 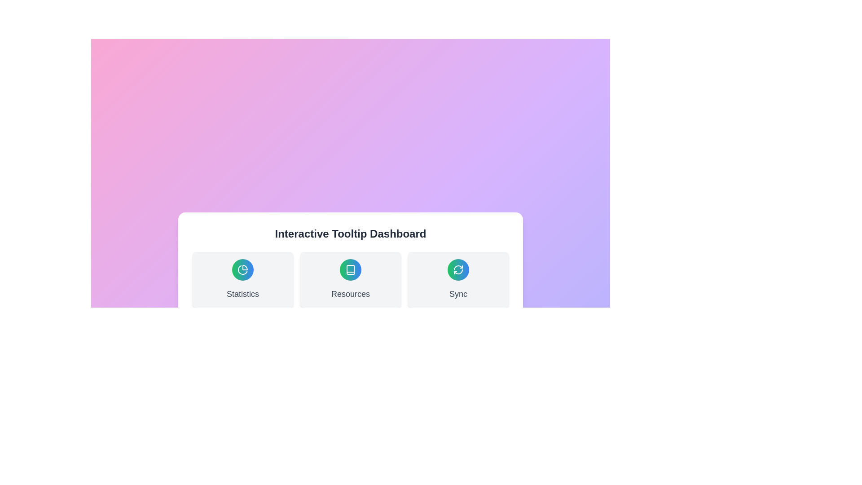 I want to click on the text in the Card that serves as a shortcut for navigating to resources or instructional materials, positioned between 'Statistics' and 'Sync', so click(x=350, y=279).